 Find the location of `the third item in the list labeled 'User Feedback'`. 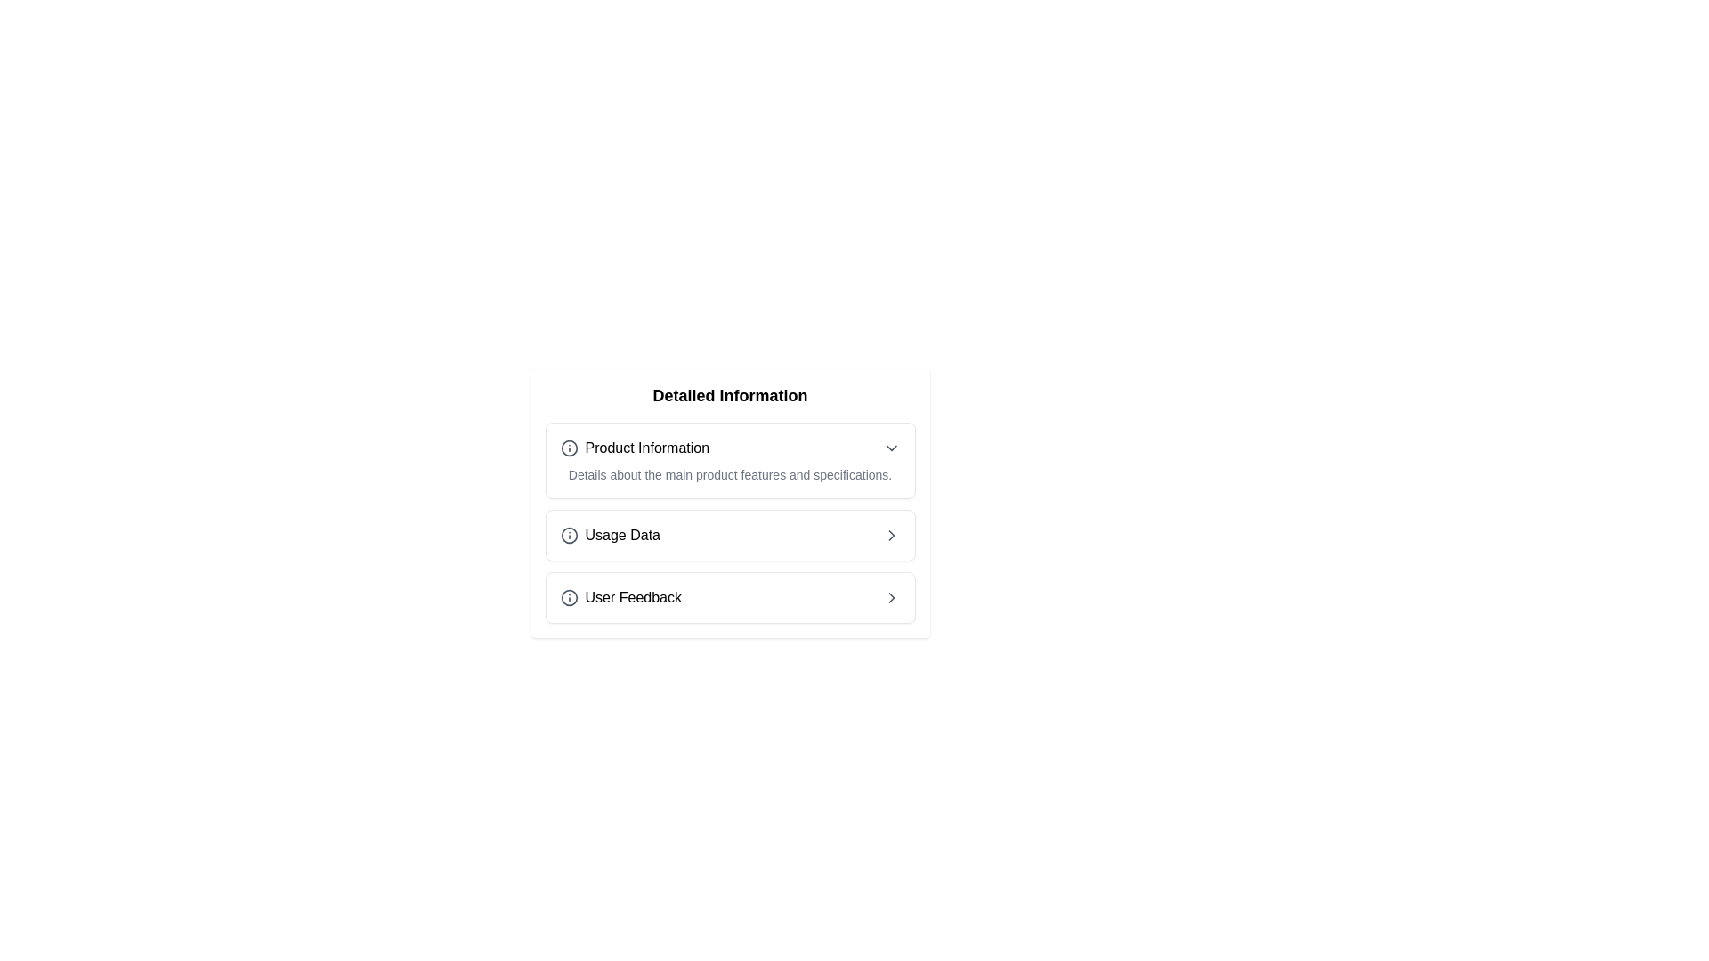

the third item in the list labeled 'User Feedback' is located at coordinates (730, 597).